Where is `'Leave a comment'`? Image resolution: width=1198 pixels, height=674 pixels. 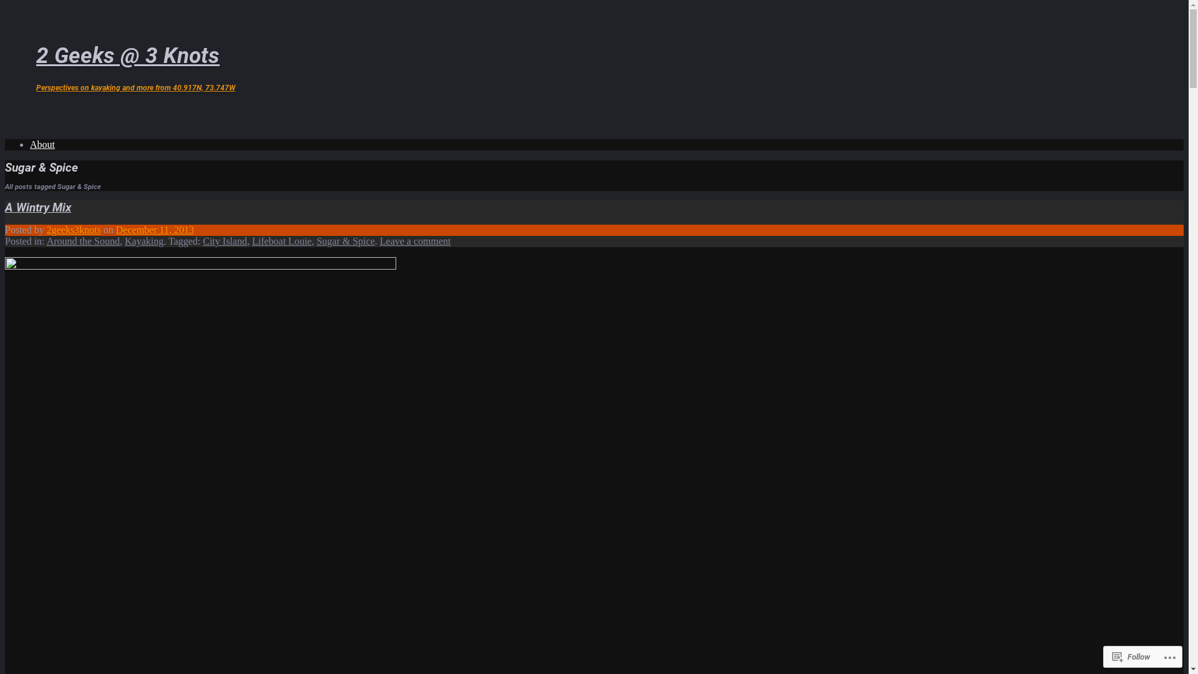
'Leave a comment' is located at coordinates (416, 241).